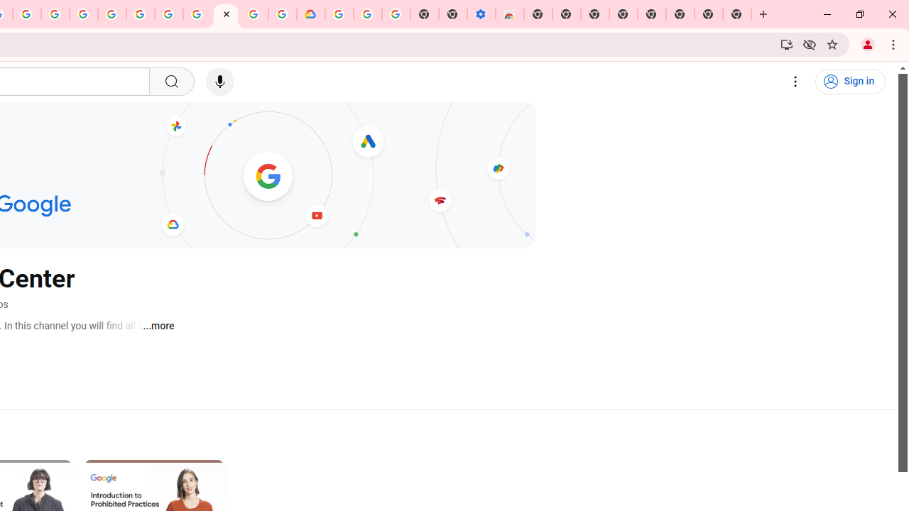 This screenshot has width=909, height=511. I want to click on 'Android TV Policies and Guidelines - Transparency Center', so click(197, 14).